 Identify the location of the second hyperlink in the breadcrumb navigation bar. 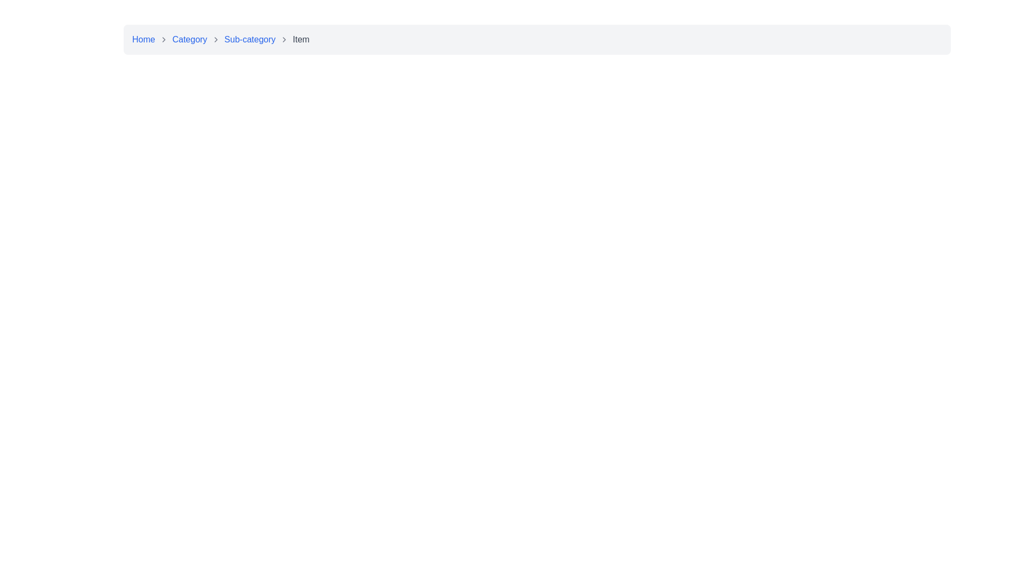
(190, 39).